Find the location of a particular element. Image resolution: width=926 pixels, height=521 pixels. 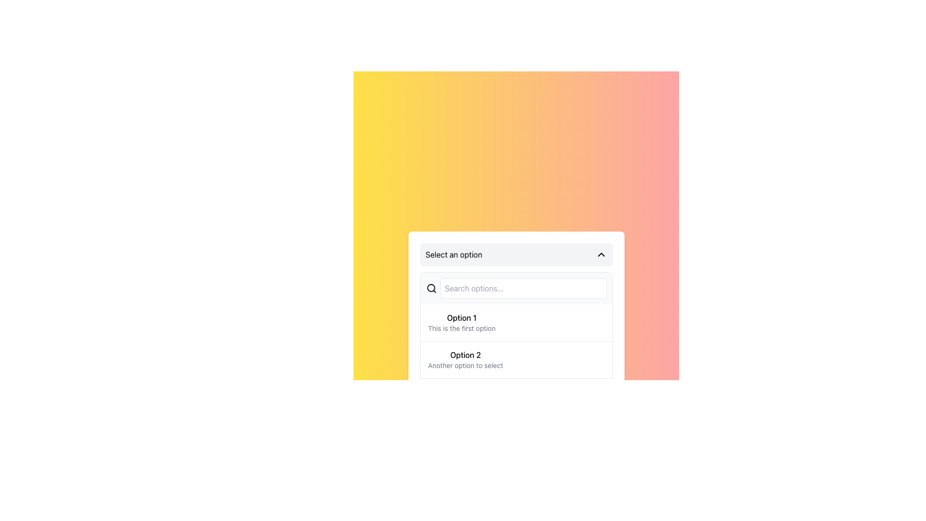

the 'Option 2' label with subtext is located at coordinates (465, 359).